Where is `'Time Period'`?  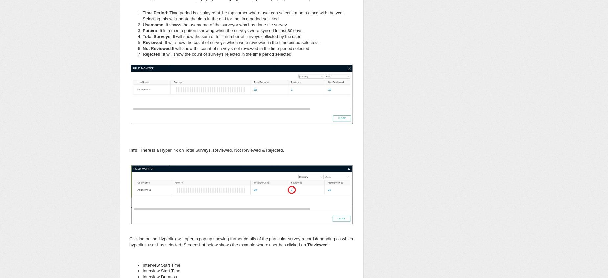 'Time Period' is located at coordinates (142, 12).